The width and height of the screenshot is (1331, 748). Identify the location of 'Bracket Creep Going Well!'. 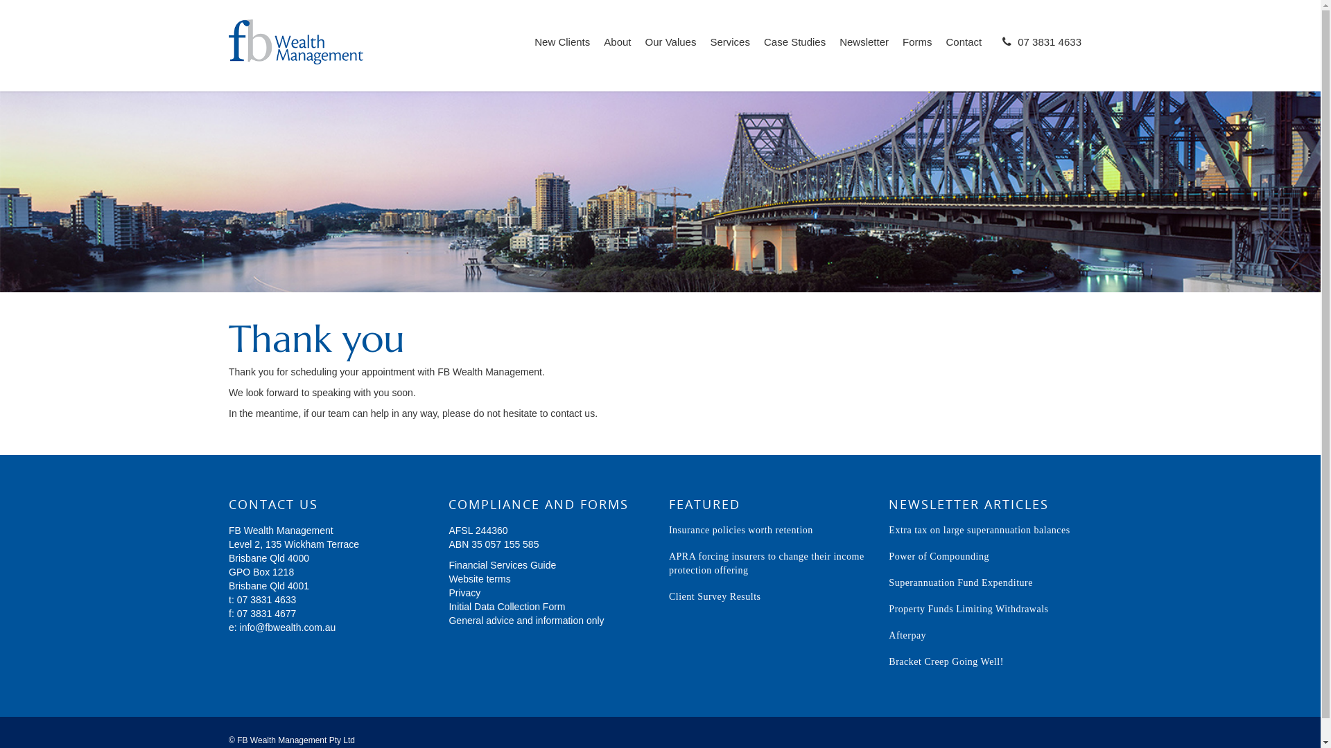
(888, 661).